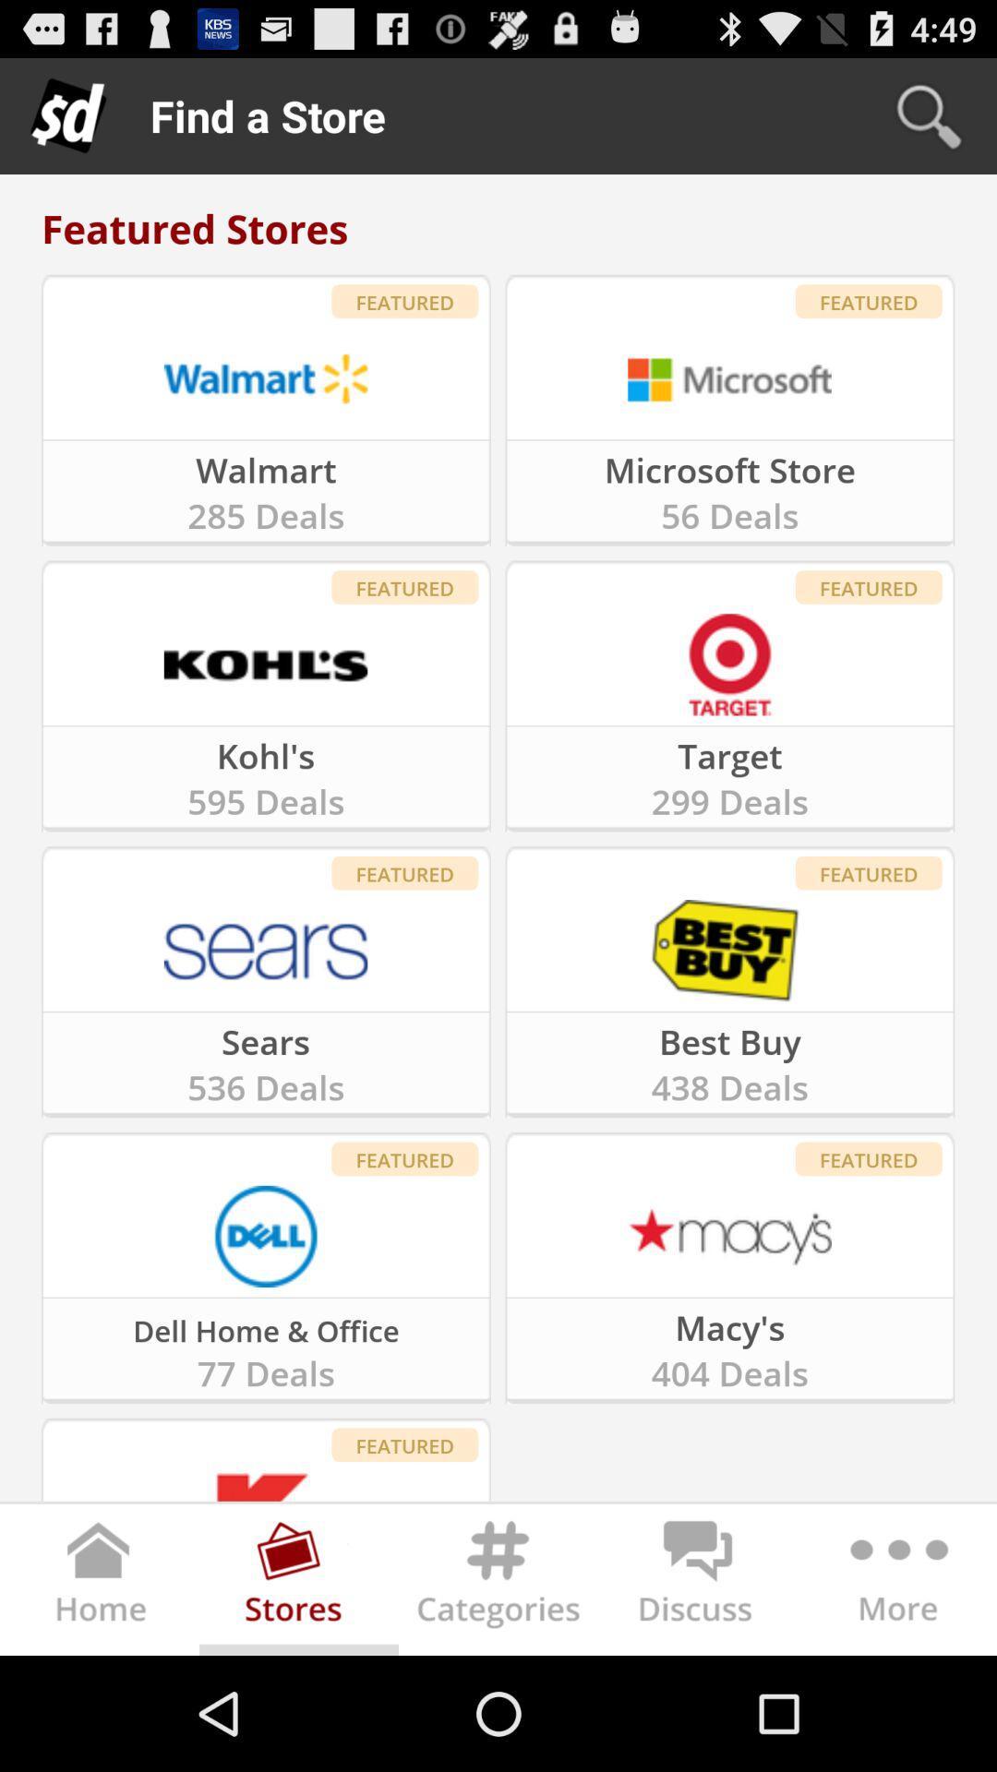  What do you see at coordinates (100, 1583) in the screenshot?
I see `home` at bounding box center [100, 1583].